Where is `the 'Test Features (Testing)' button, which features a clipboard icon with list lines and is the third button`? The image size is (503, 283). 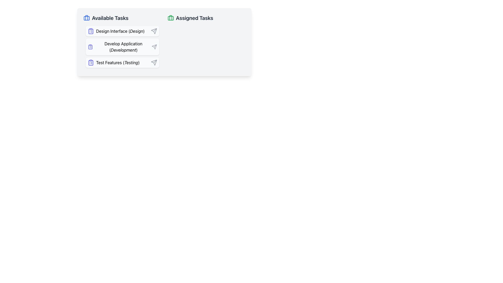 the 'Test Features (Testing)' button, which features a clipboard icon with list lines and is the third button is located at coordinates (113, 62).